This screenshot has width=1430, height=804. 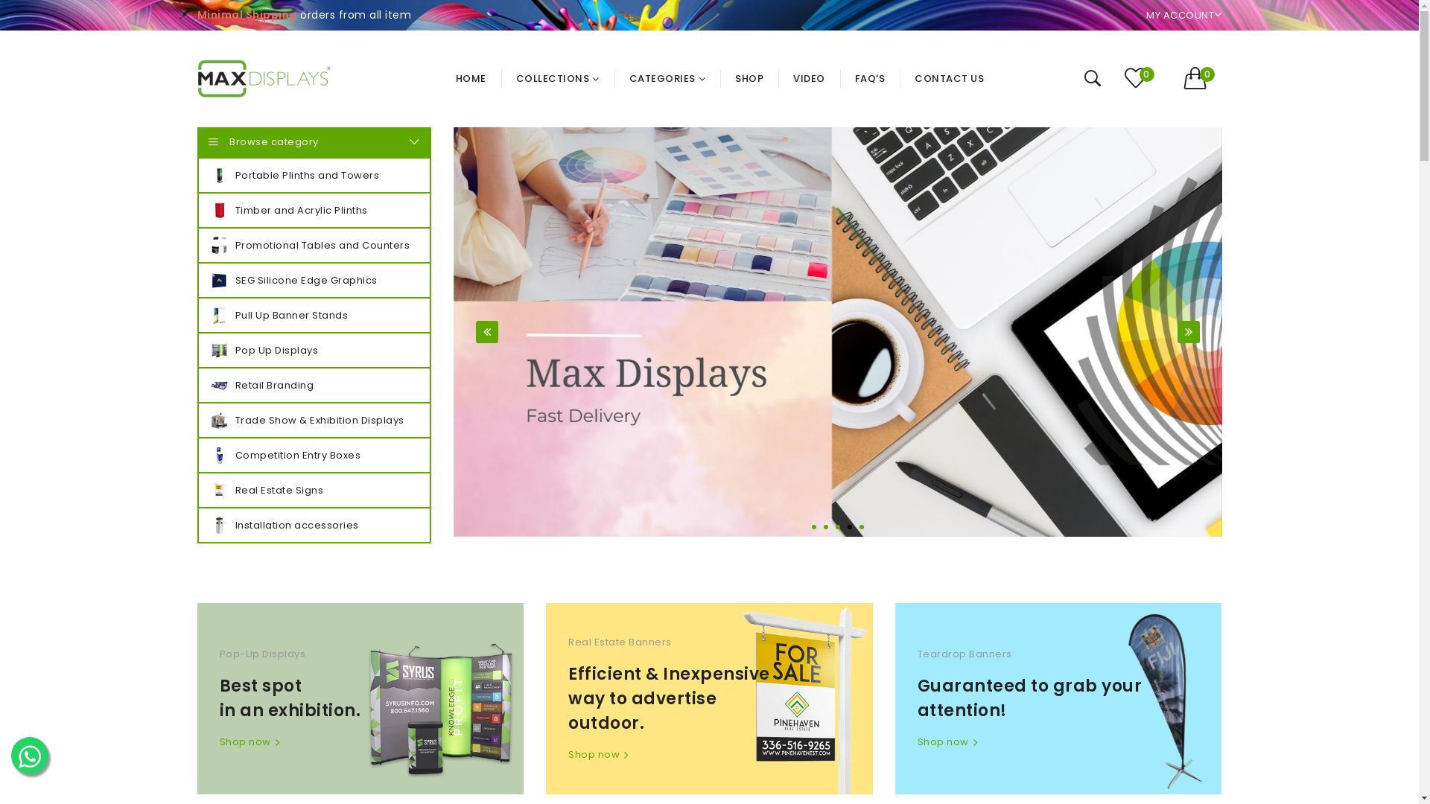 I want to click on 'CATEGORIES', so click(x=667, y=78).